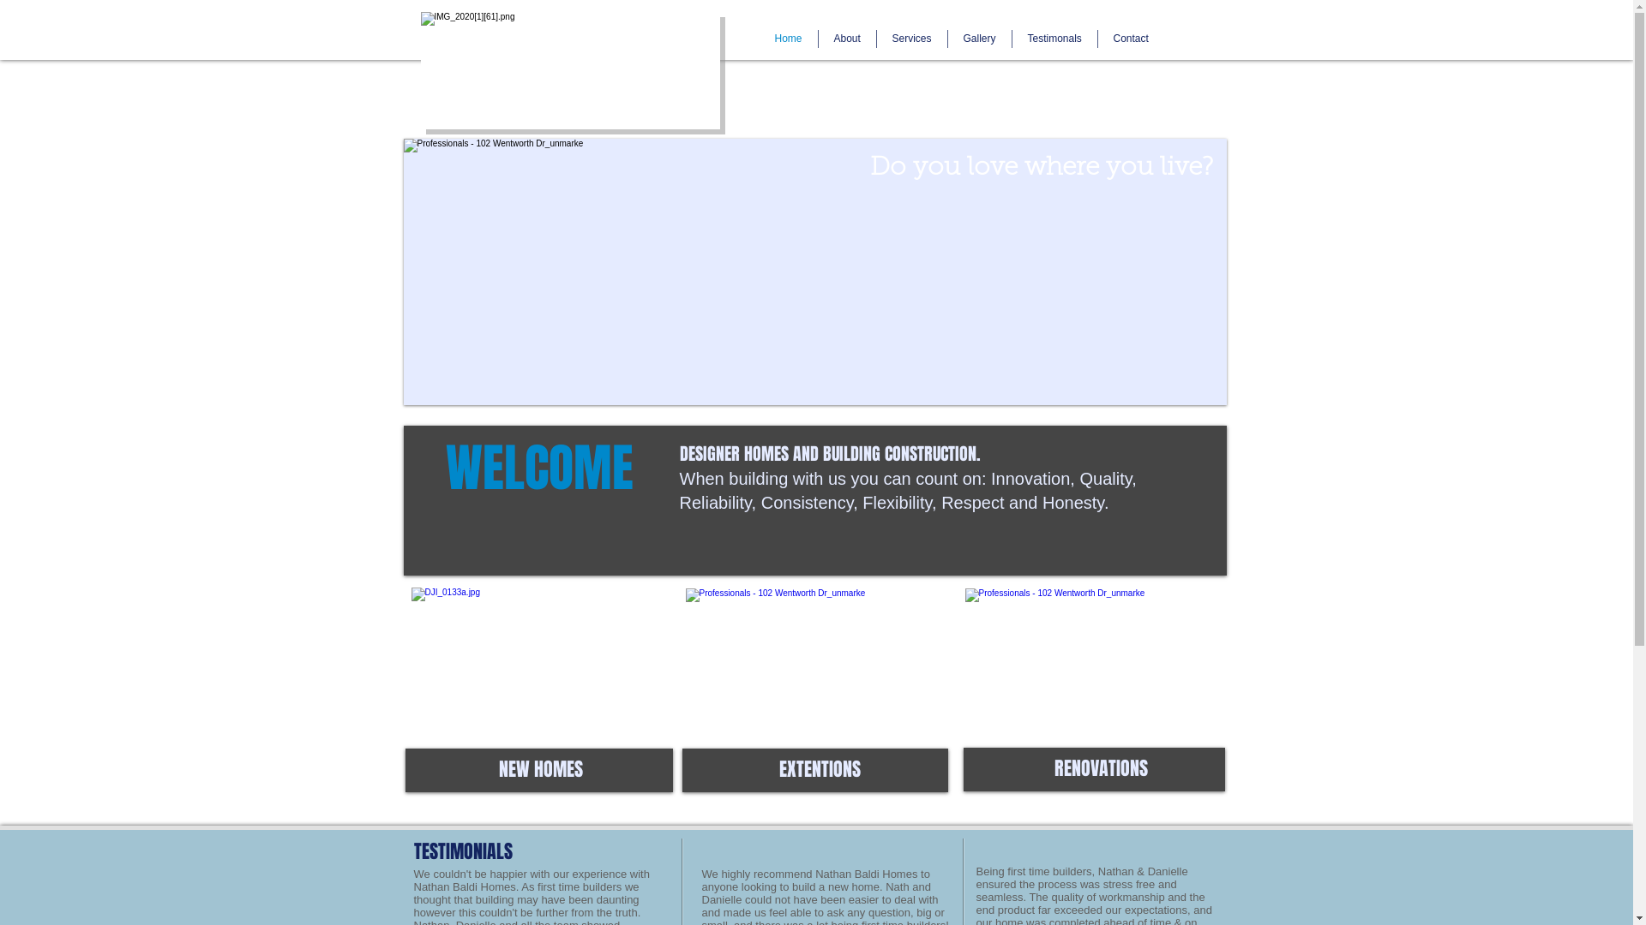 This screenshot has width=1646, height=925. I want to click on 'image7.jpg', so click(1095, 662).